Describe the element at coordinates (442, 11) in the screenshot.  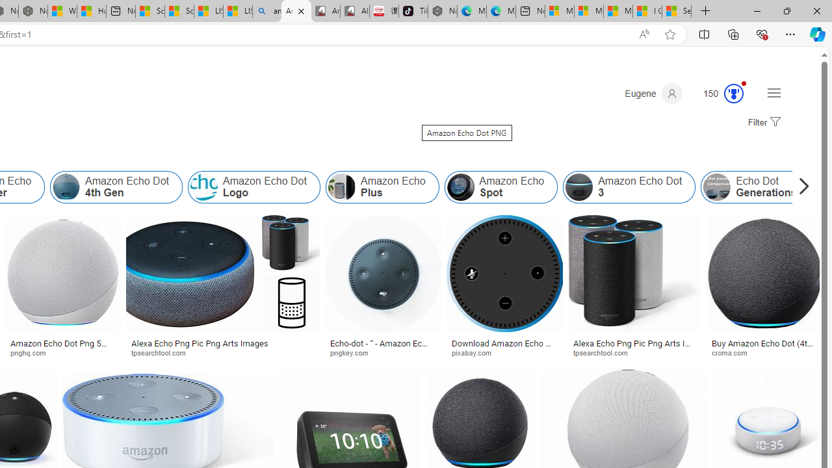
I see `'Nordace - Best Sellers'` at that location.